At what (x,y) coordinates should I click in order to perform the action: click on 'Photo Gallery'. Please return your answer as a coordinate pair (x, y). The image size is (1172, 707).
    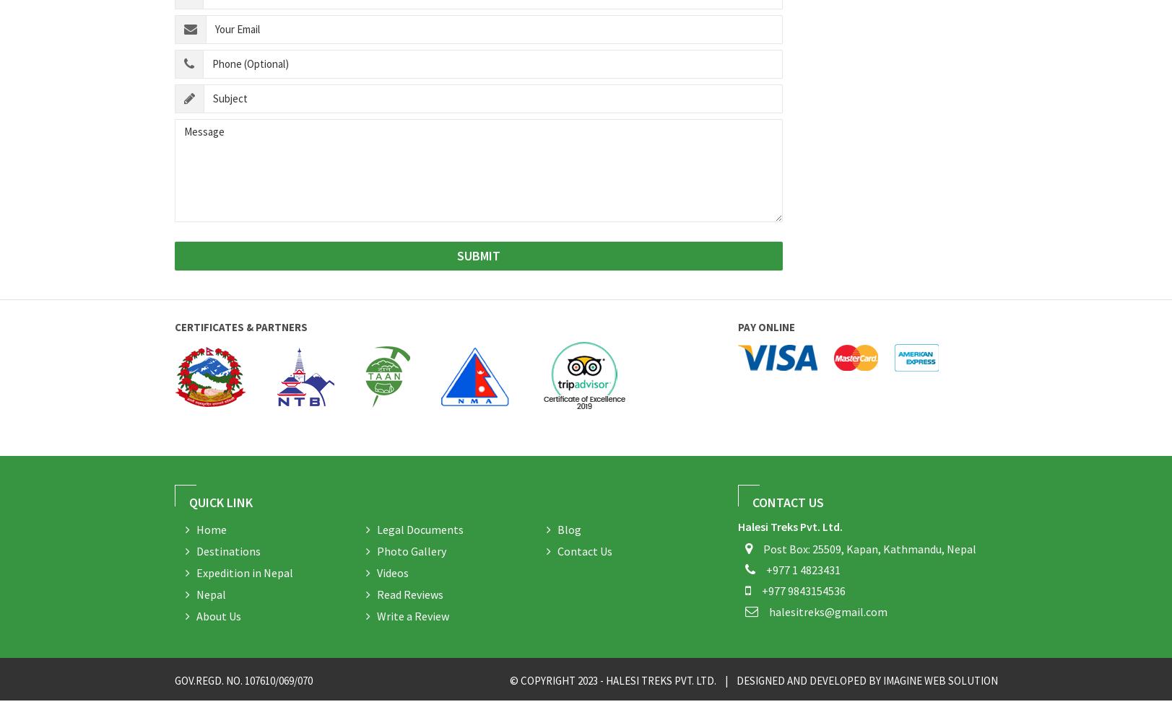
    Looking at the image, I should click on (411, 550).